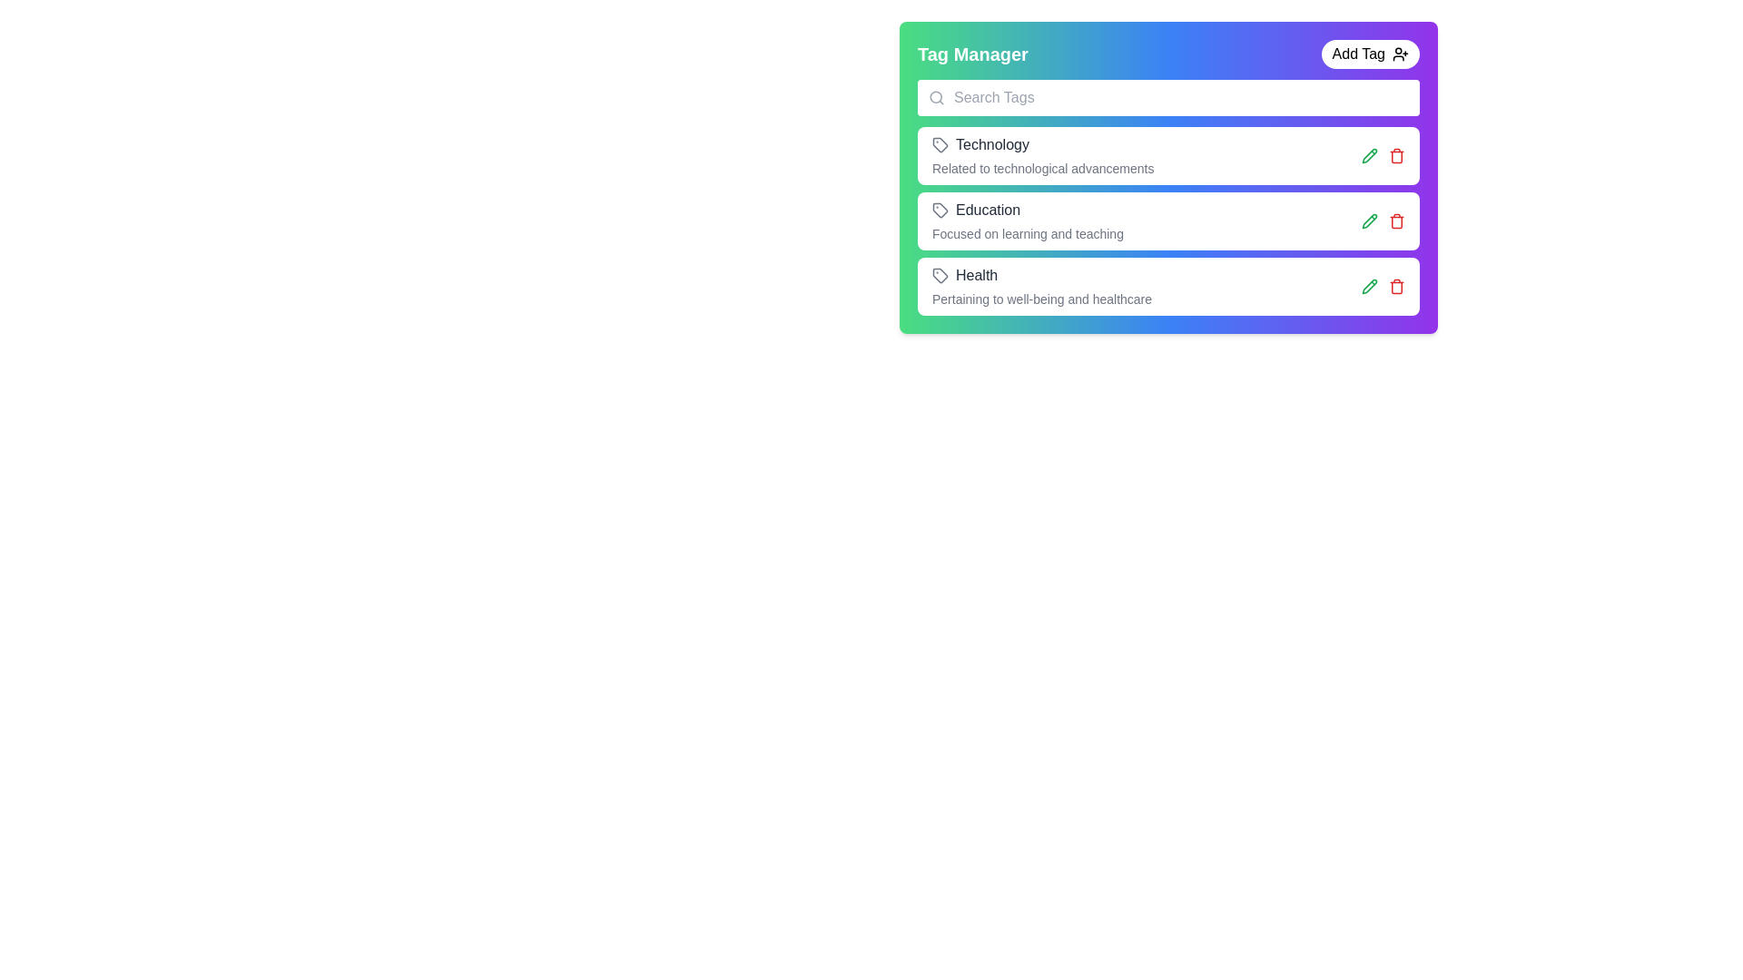  I want to click on the gray tag icon located to the left of the 'Education' entry in the list of tag entries, so click(940, 209).